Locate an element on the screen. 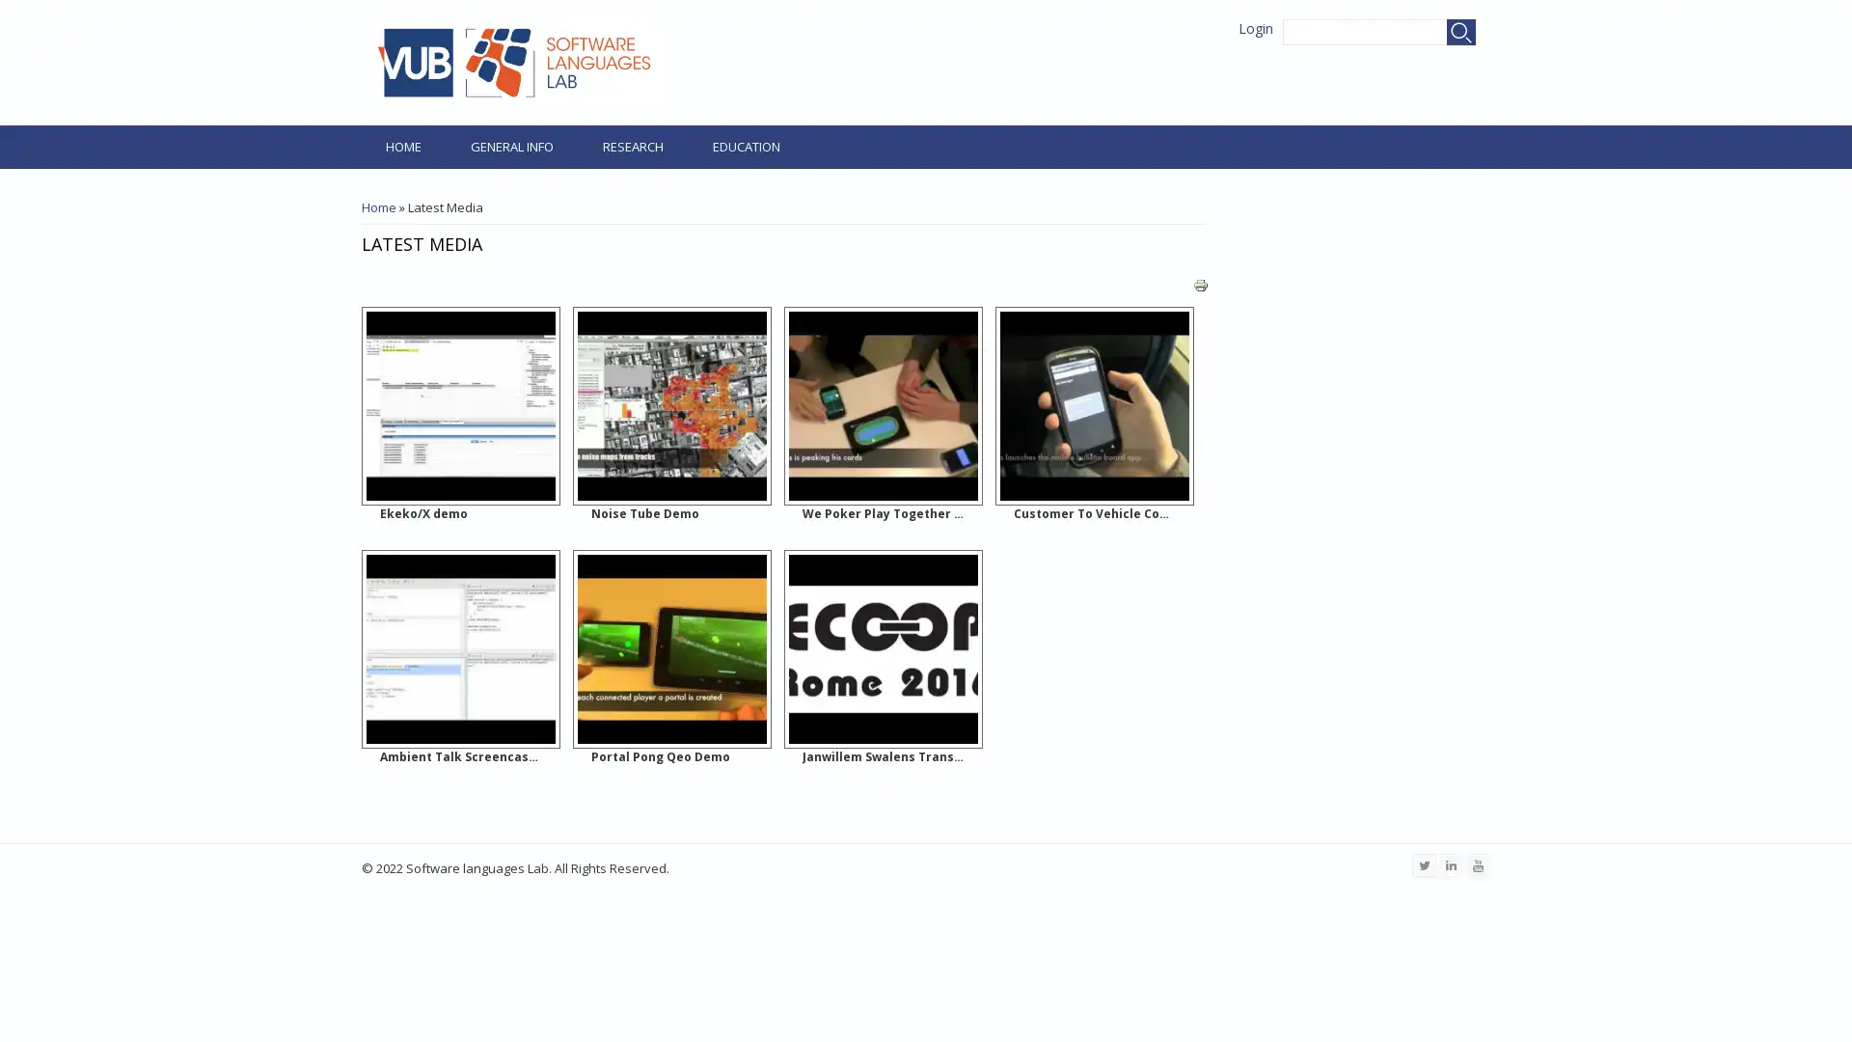 The image size is (1852, 1042). Search is located at coordinates (1461, 32).